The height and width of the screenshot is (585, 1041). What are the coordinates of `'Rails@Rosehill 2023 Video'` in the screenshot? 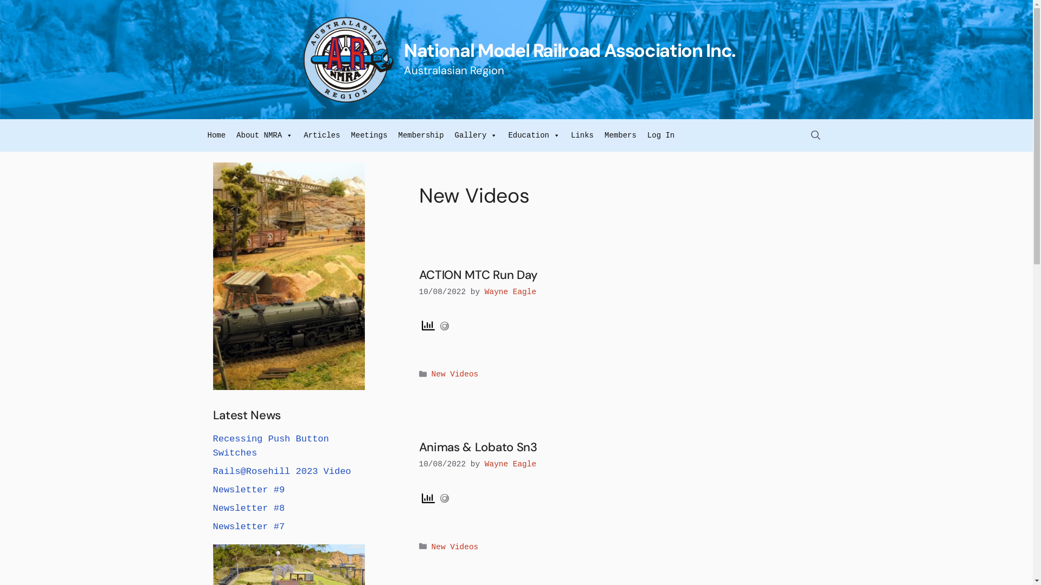 It's located at (281, 471).